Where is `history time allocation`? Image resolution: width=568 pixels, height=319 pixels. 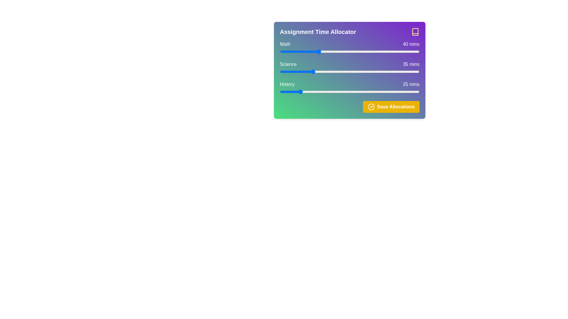
history time allocation is located at coordinates (296, 92).